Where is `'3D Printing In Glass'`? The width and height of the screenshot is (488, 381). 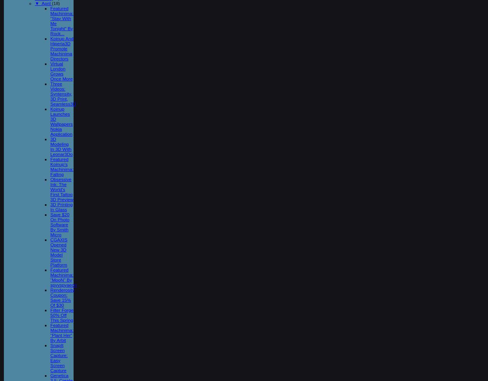
'3D Printing In Glass' is located at coordinates (50, 206).